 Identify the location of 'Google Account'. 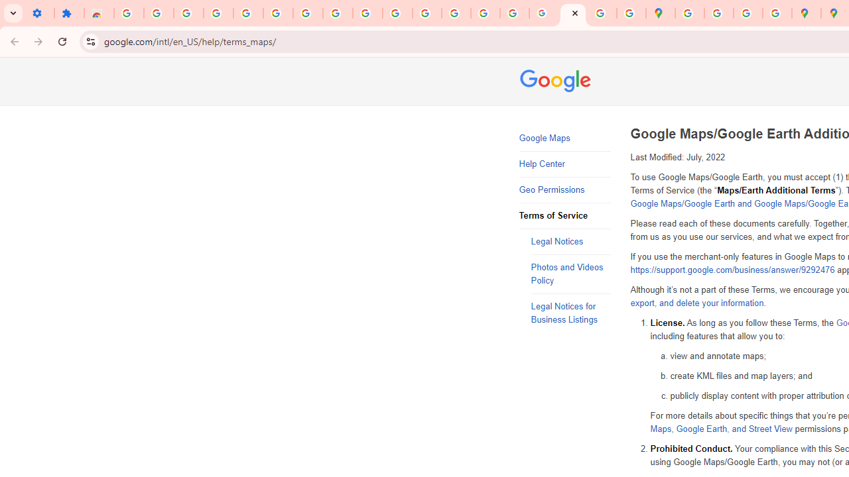
(338, 13).